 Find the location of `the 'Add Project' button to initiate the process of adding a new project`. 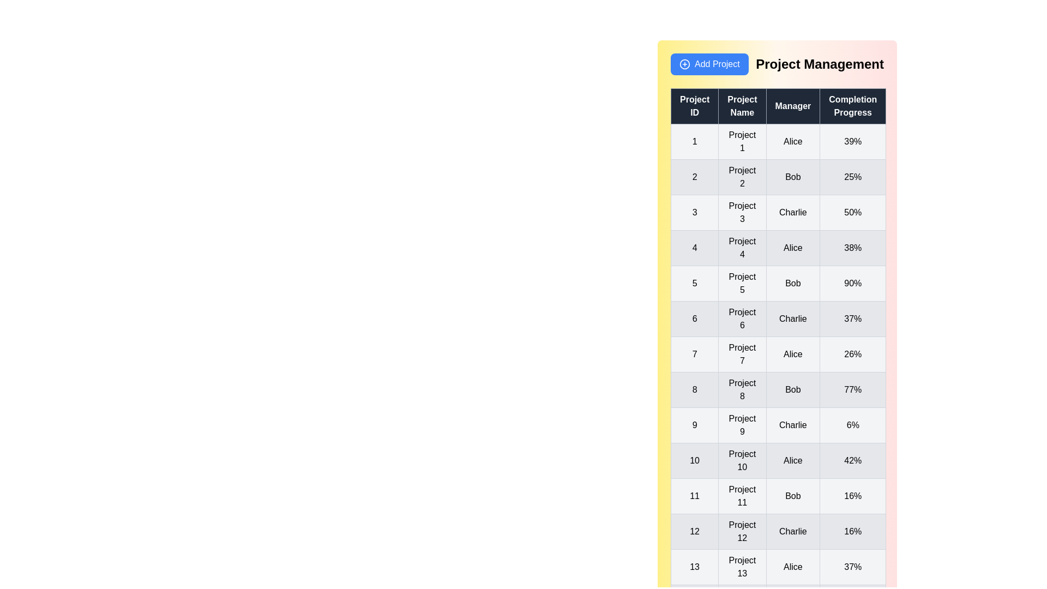

the 'Add Project' button to initiate the process of adding a new project is located at coordinates (709, 64).